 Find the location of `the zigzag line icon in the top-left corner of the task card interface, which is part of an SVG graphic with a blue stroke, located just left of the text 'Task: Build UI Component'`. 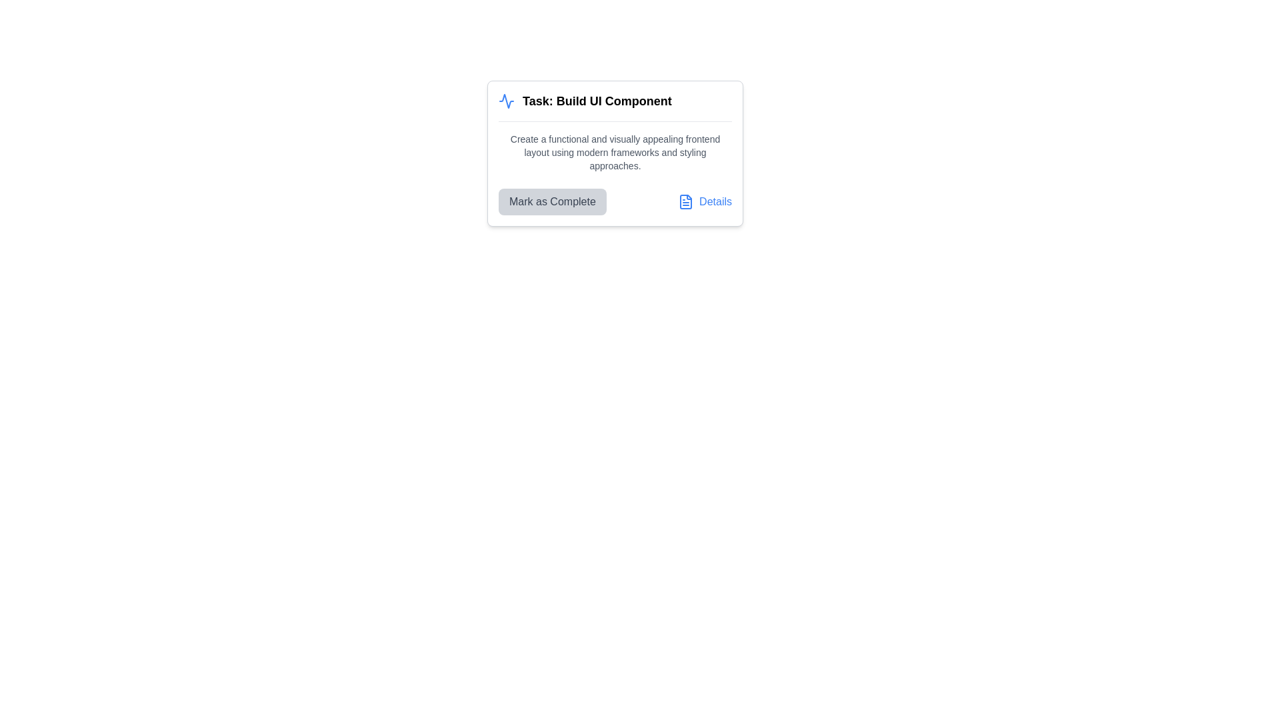

the zigzag line icon in the top-left corner of the task card interface, which is part of an SVG graphic with a blue stroke, located just left of the text 'Task: Build UI Component' is located at coordinates (505, 100).